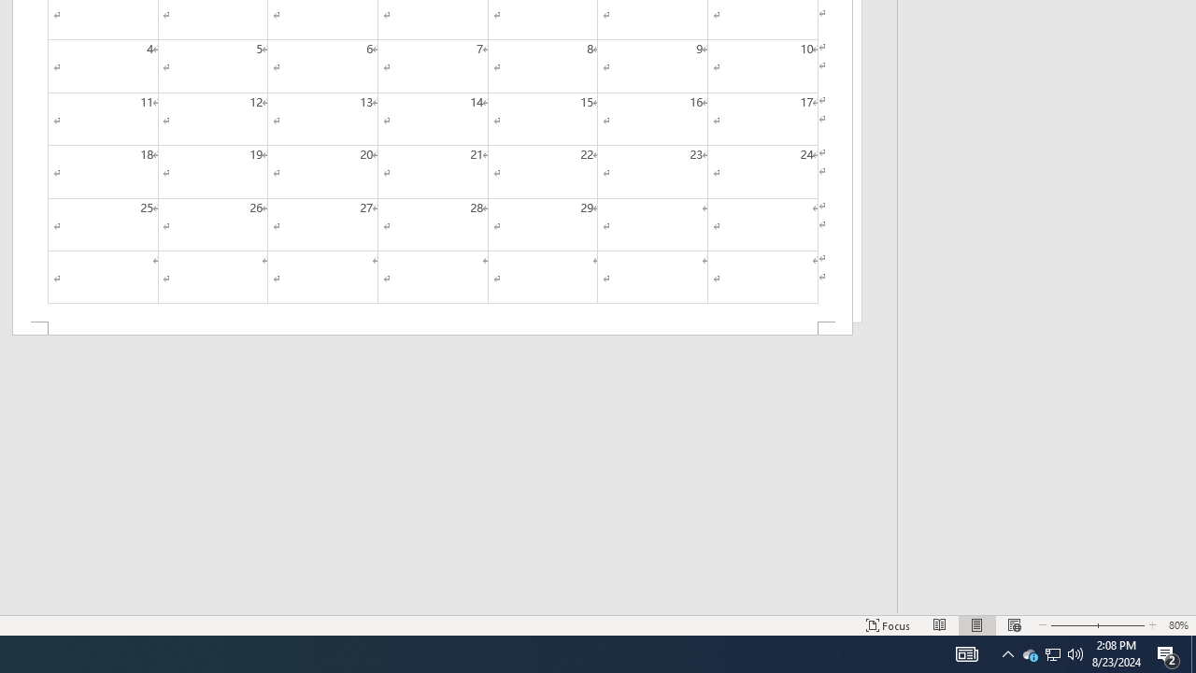 The image size is (1196, 673). Describe the element at coordinates (940, 625) in the screenshot. I see `'Read Mode'` at that location.